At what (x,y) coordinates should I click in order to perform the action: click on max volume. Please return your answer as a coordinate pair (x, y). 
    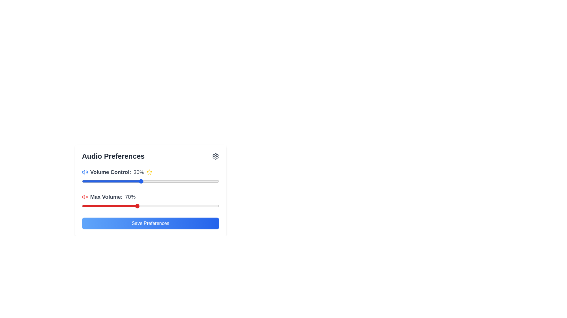
    Looking at the image, I should click on (95, 206).